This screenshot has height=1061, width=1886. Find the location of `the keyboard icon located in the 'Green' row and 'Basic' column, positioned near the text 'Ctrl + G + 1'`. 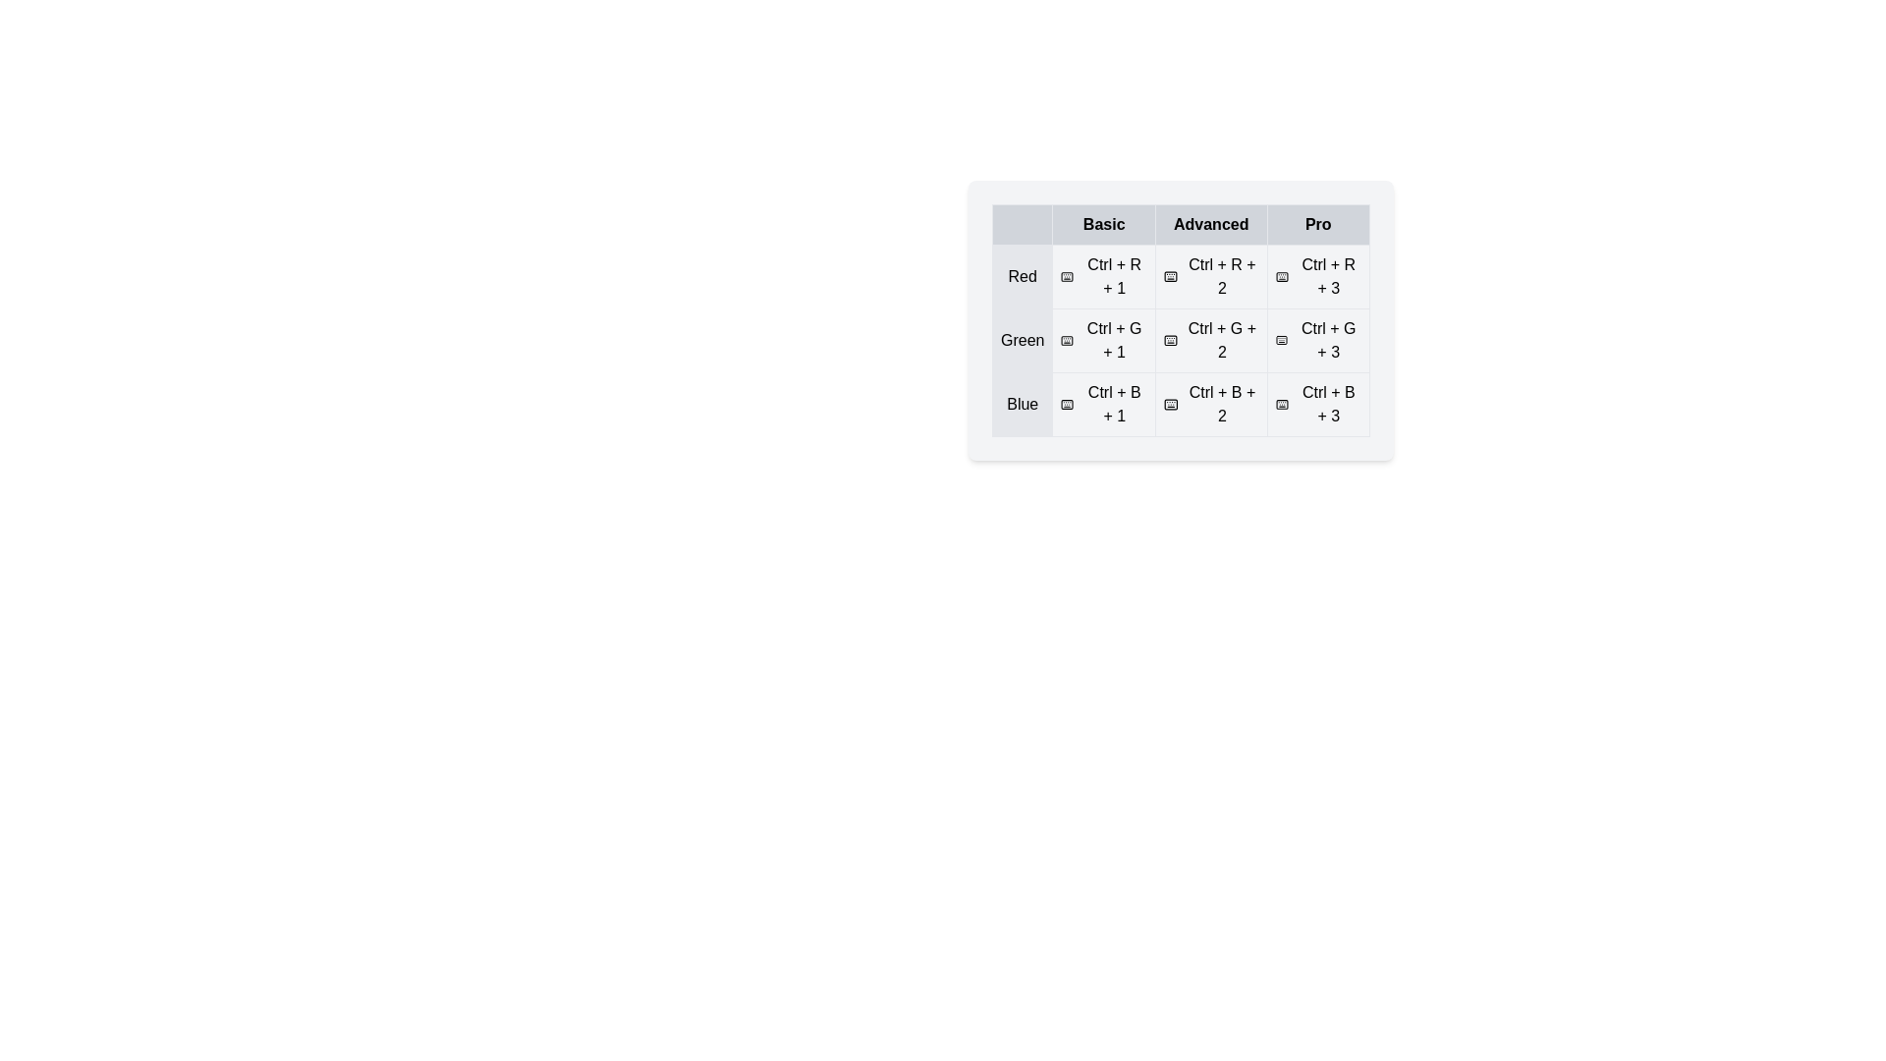

the keyboard icon located in the 'Green' row and 'Basic' column, positioned near the text 'Ctrl + G + 1' is located at coordinates (1066, 340).